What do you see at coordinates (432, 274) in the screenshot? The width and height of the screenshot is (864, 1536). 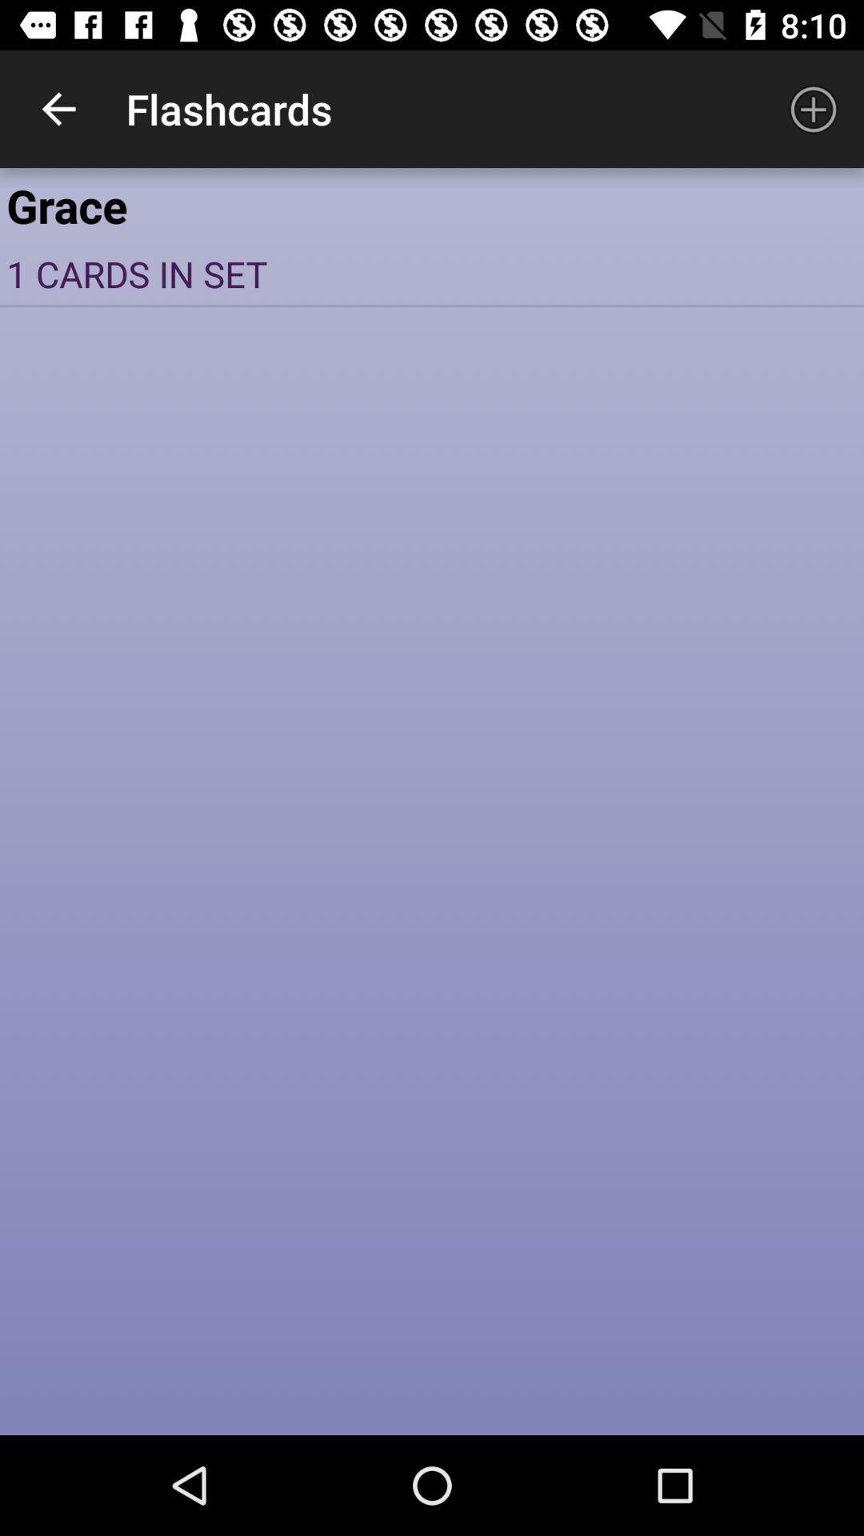 I see `1 cards in icon` at bounding box center [432, 274].